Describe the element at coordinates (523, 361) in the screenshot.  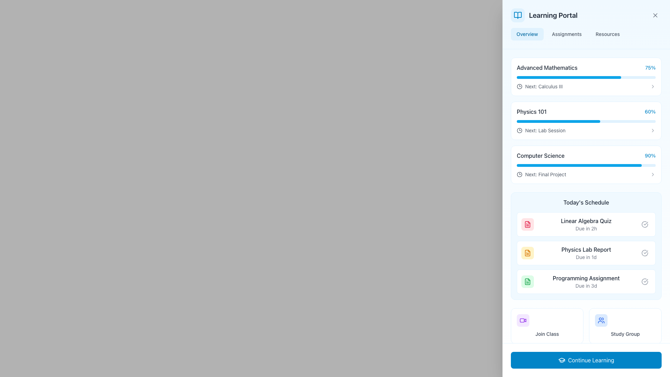
I see `the small, rounded rectangle icon with a green background and text, featuring a centered chat bubble icon, located in the upper left corner of the 'Discussion' card` at that location.